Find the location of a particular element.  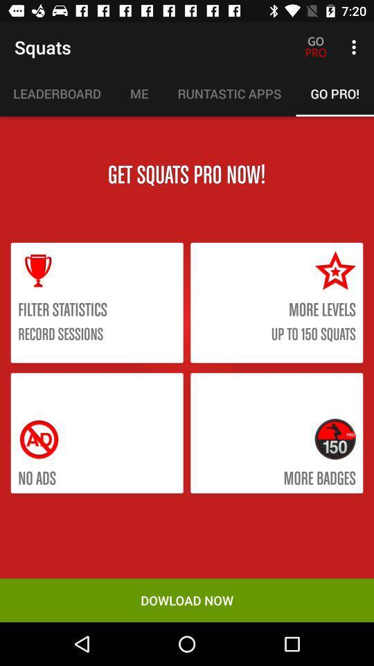

the item to the left of the me icon is located at coordinates (57, 93).